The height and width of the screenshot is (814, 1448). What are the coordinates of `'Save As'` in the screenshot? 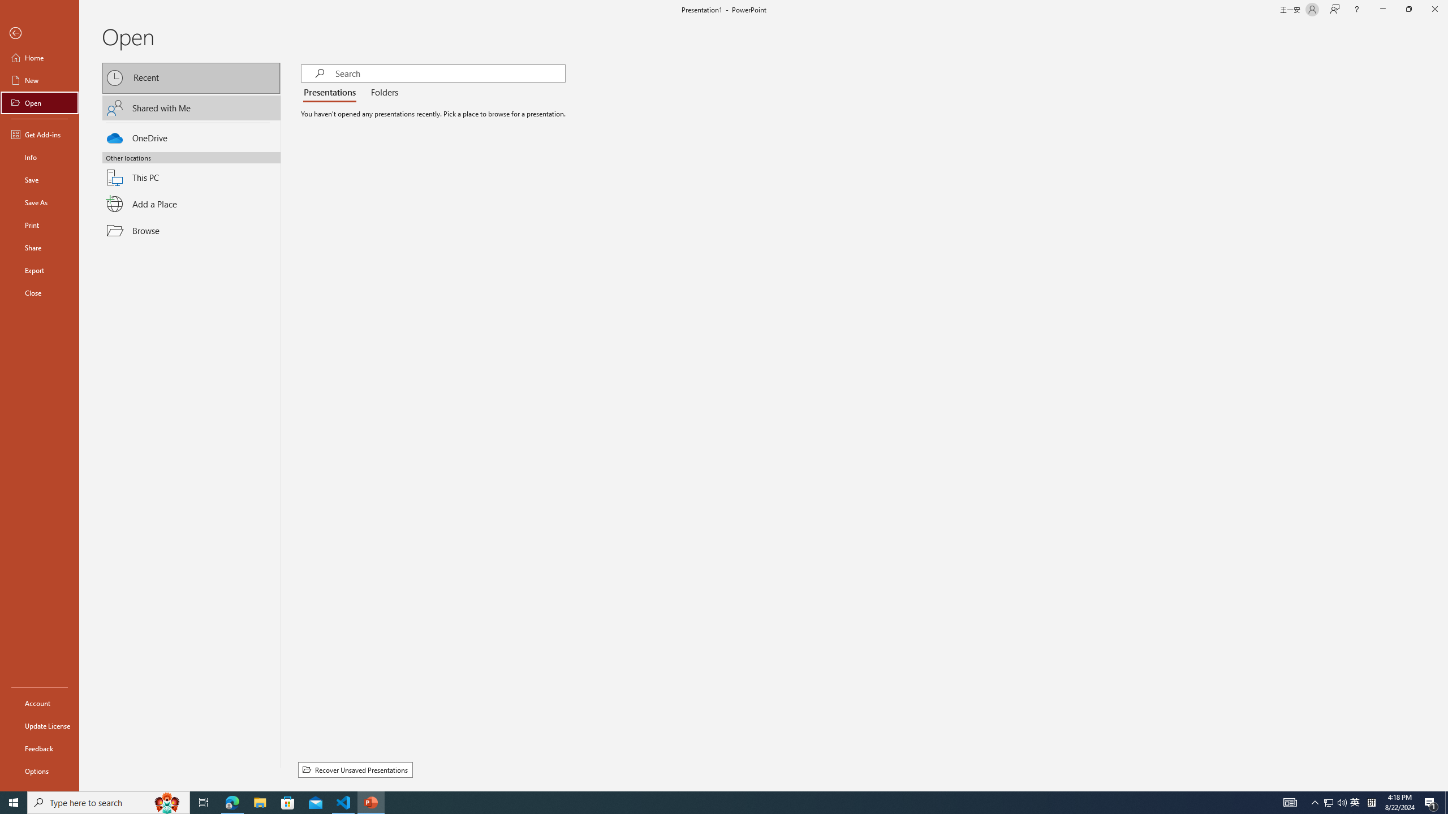 It's located at (39, 201).